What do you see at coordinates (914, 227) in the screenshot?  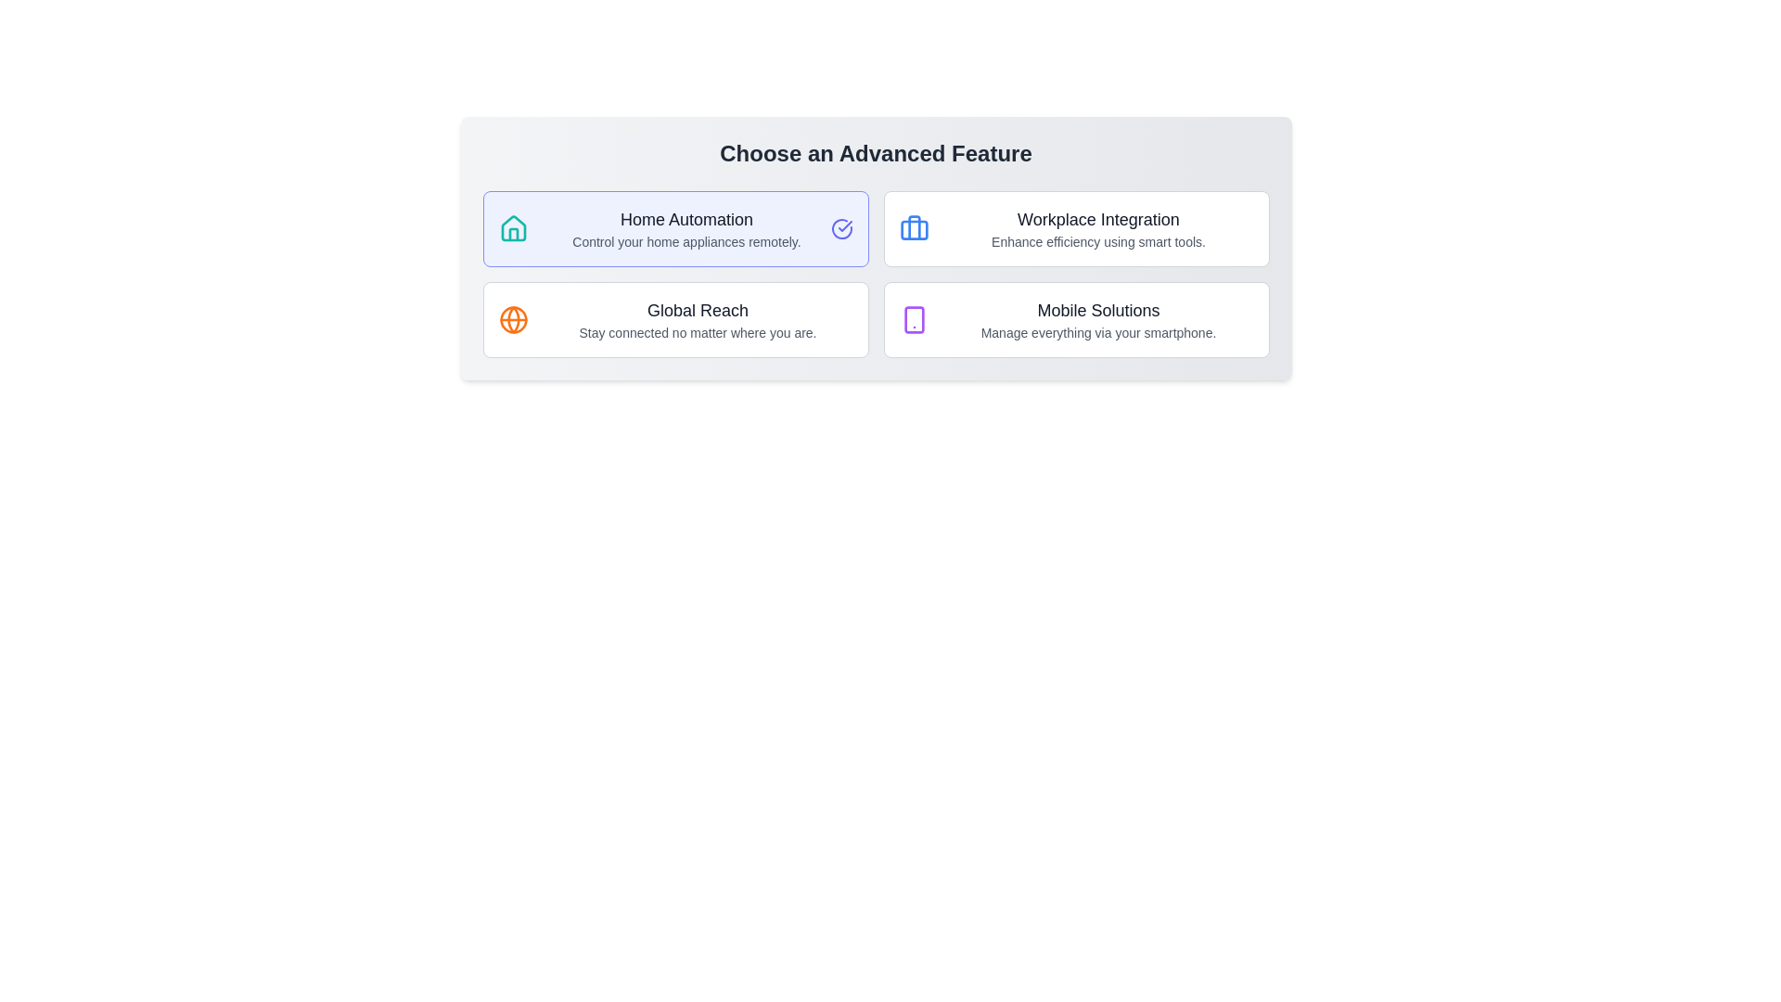 I see `the blue suitcase icon located in the card labeled 'Workplace Integration', positioned at the top-left corner beside the text and description of the feature` at bounding box center [914, 227].